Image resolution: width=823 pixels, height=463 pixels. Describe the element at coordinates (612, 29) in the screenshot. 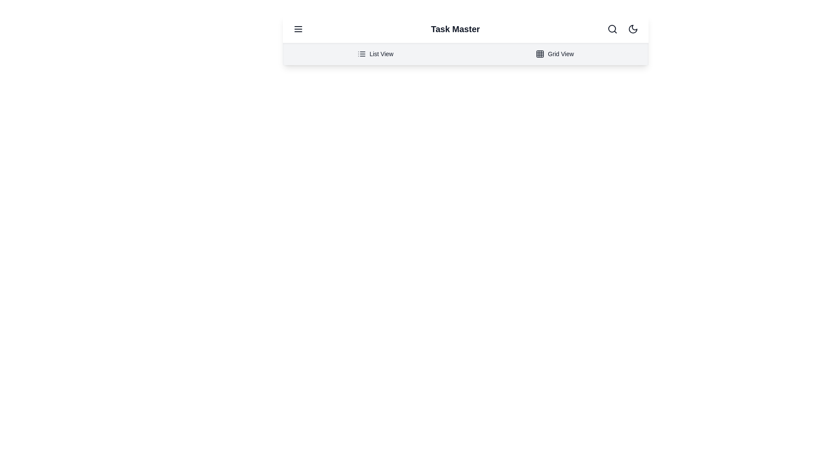

I see `the search icon to access the search functionality` at that location.